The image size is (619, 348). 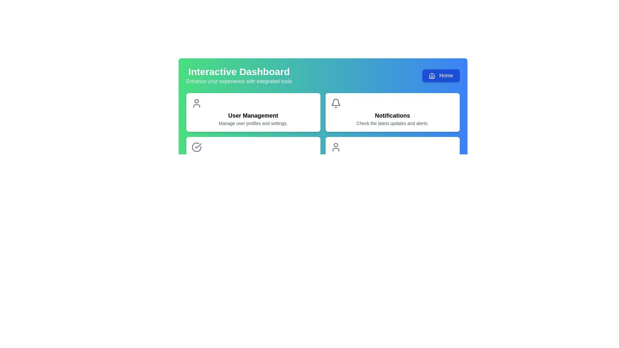 I want to click on the graphical representation of the user's head, which is a circular SVG component located centrally within the user icon group, so click(x=335, y=145).